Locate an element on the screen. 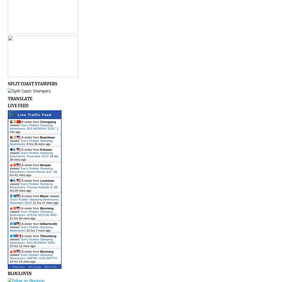 This screenshot has width=284, height=282. 'Sue's Rubber Stamping Adventures: Thomas Kinkade D' is located at coordinates (31, 186).